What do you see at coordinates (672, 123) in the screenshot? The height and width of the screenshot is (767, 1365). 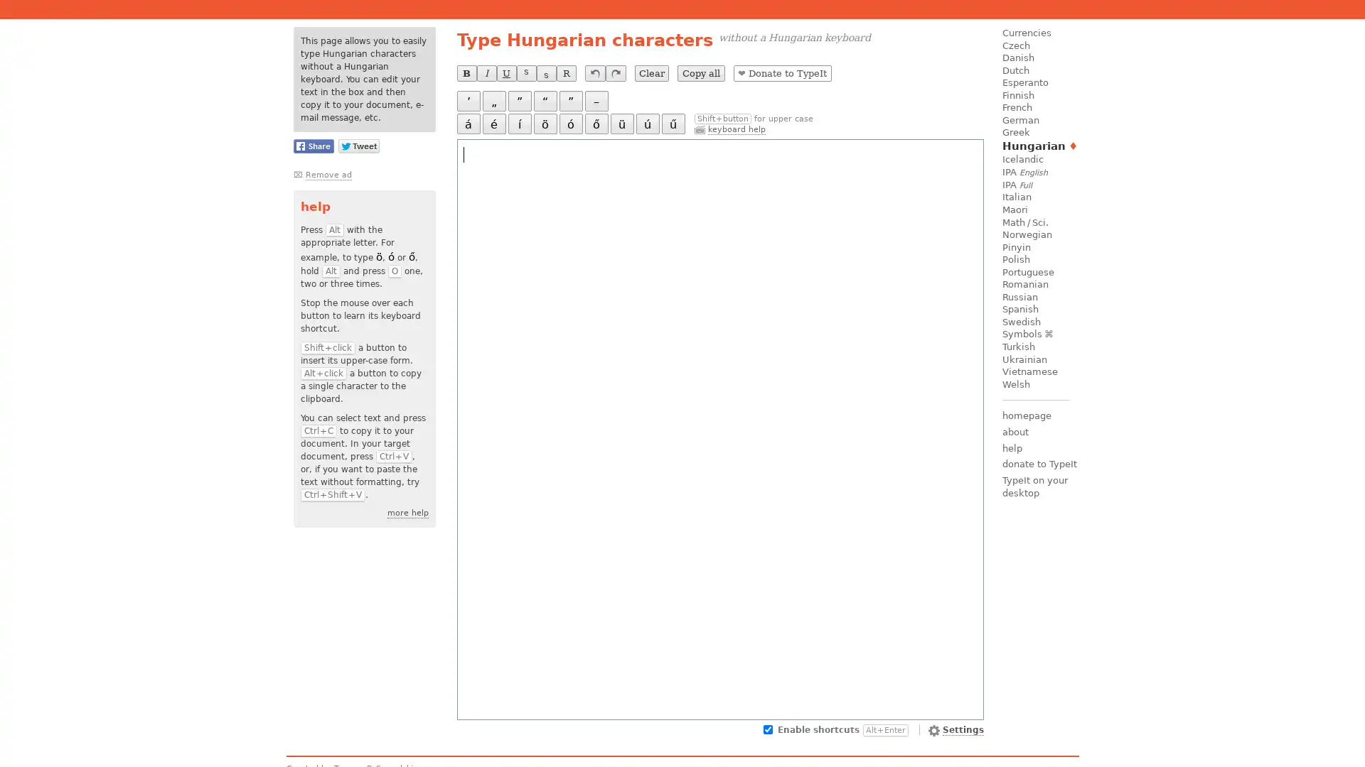 I see `u` at bounding box center [672, 123].